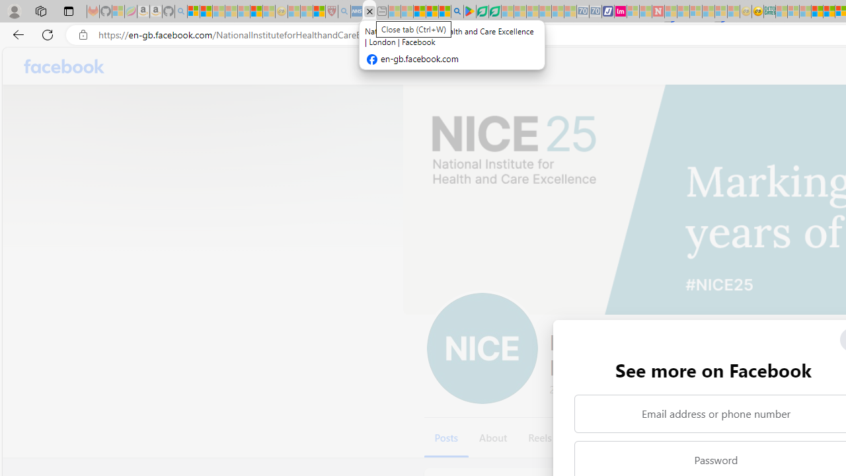  What do you see at coordinates (470, 11) in the screenshot?
I see `'Bluey: Let'` at bounding box center [470, 11].